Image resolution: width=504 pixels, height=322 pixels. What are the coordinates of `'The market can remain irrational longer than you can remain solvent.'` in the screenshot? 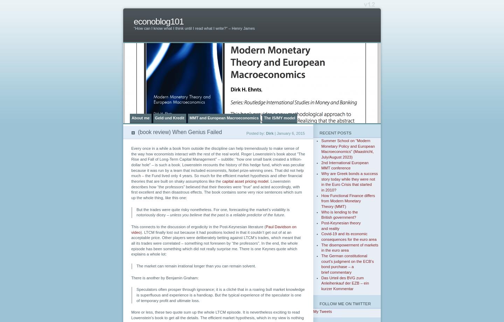 It's located at (196, 266).